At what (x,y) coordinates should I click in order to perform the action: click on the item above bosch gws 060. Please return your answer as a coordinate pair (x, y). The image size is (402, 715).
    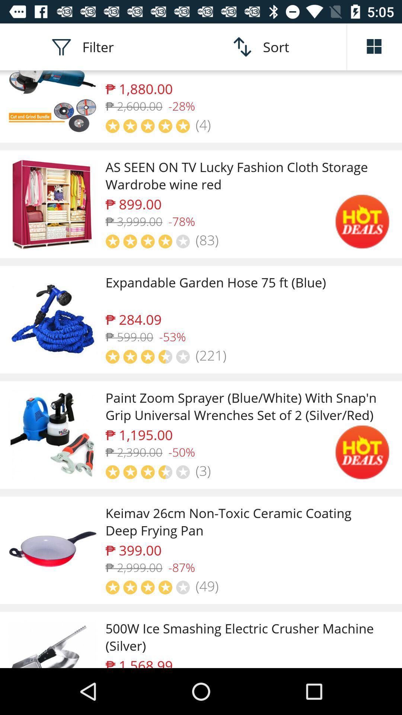
    Looking at the image, I should click on (374, 46).